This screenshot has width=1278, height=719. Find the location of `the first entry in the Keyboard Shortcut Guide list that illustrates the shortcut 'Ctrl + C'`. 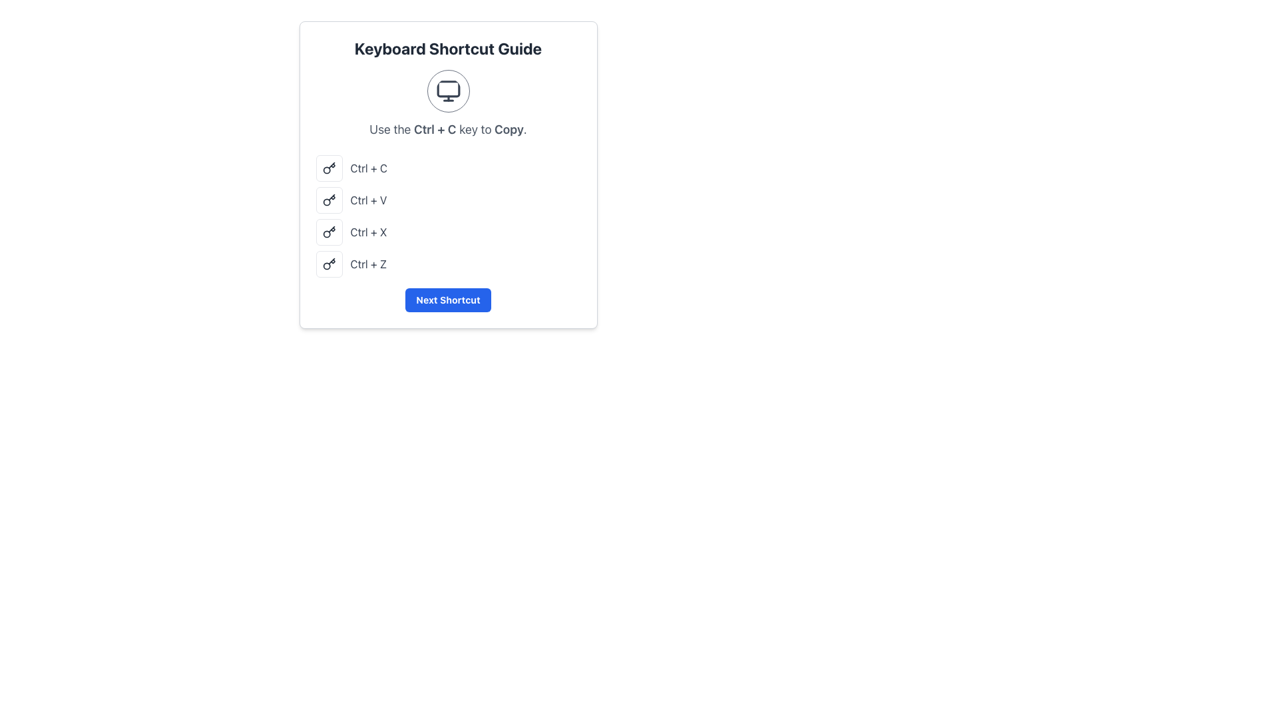

the first entry in the Keyboard Shortcut Guide list that illustrates the shortcut 'Ctrl + C' is located at coordinates (448, 168).